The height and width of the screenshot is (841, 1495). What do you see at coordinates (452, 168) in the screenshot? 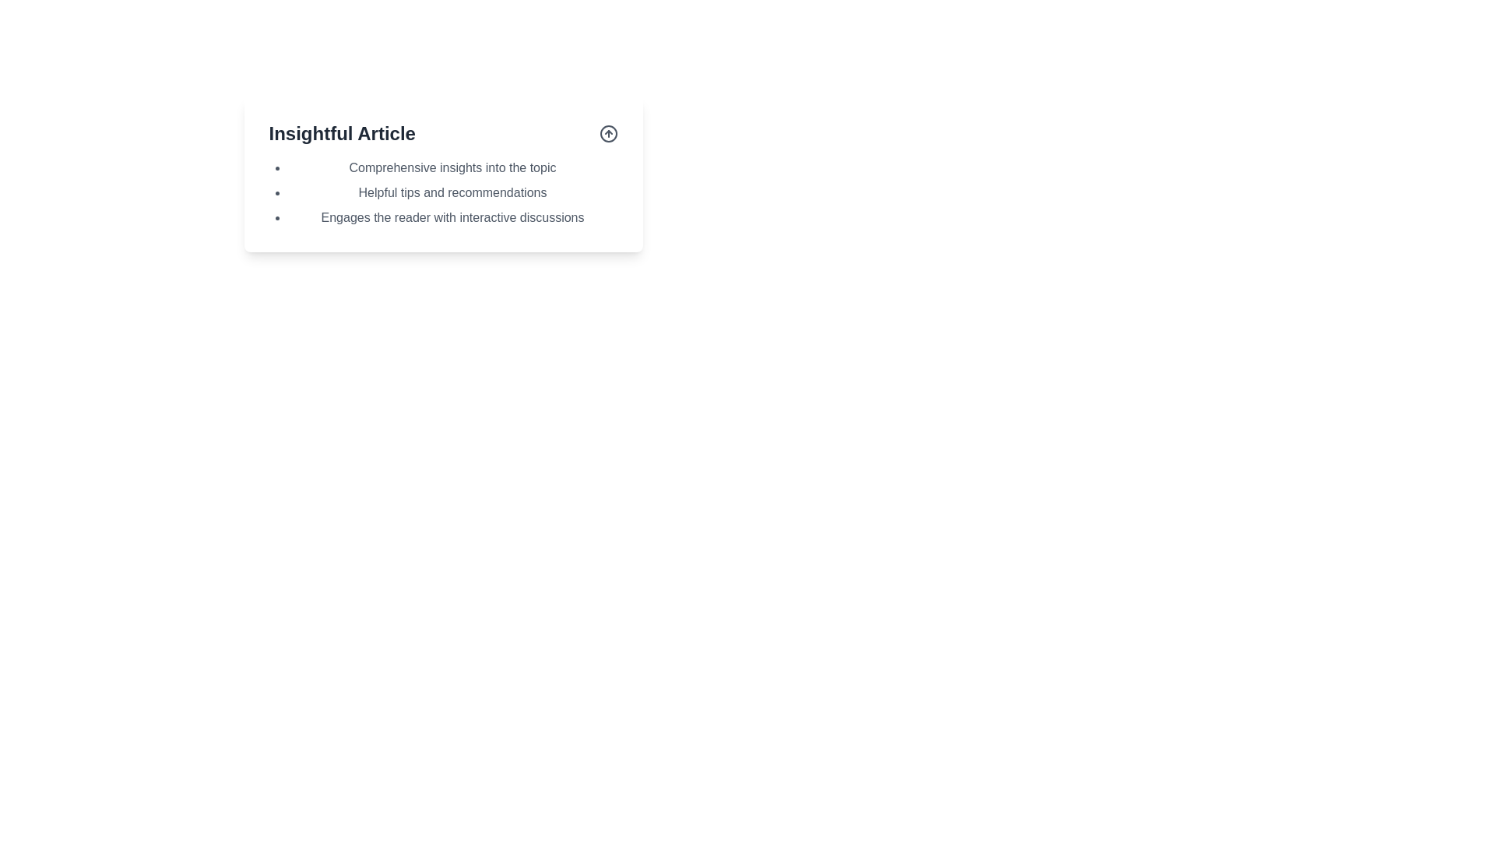
I see `text of the first item in the bulleted list under the header 'Insightful Article'` at bounding box center [452, 168].